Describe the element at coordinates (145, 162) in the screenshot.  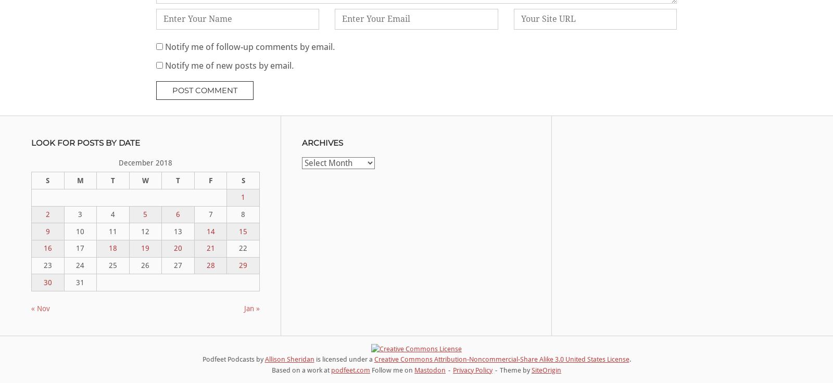
I see `'December 2018'` at that location.